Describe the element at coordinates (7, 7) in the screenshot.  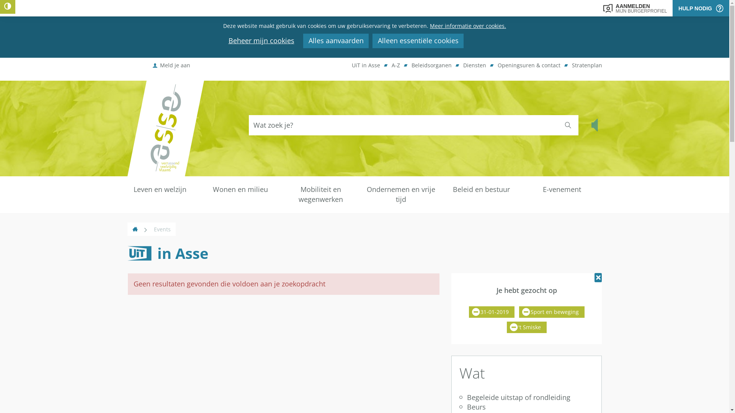
I see `'Hoog contrast'` at that location.